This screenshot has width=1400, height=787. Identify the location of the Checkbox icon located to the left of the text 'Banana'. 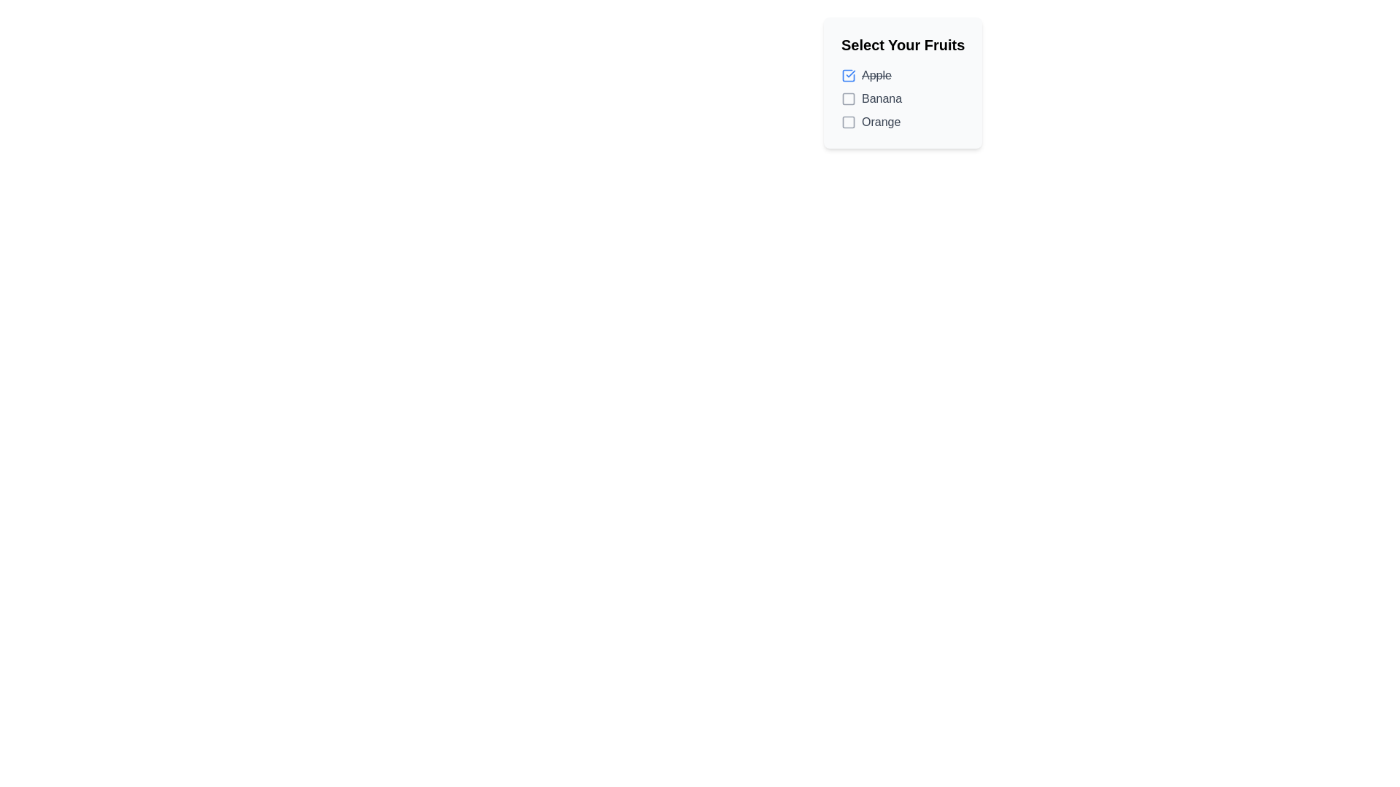
(848, 98).